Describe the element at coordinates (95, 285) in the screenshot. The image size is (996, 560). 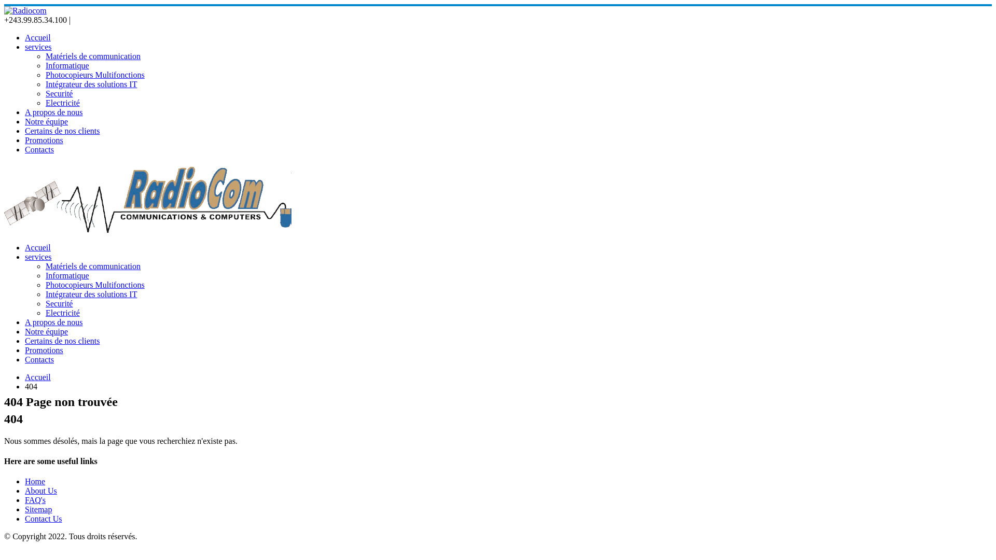
I see `'Photocopieurs Multifonctions'` at that location.